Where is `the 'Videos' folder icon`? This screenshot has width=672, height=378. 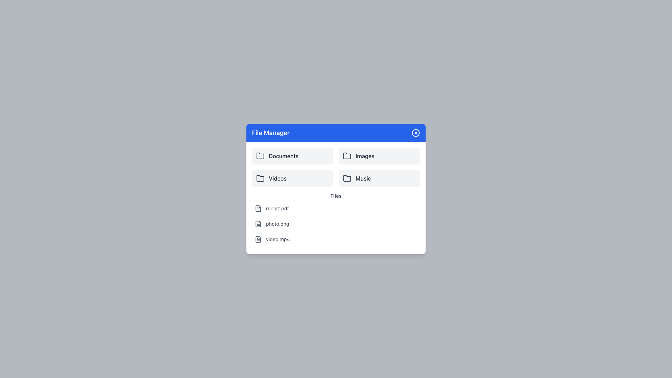
the 'Videos' folder icon is located at coordinates (260, 178).